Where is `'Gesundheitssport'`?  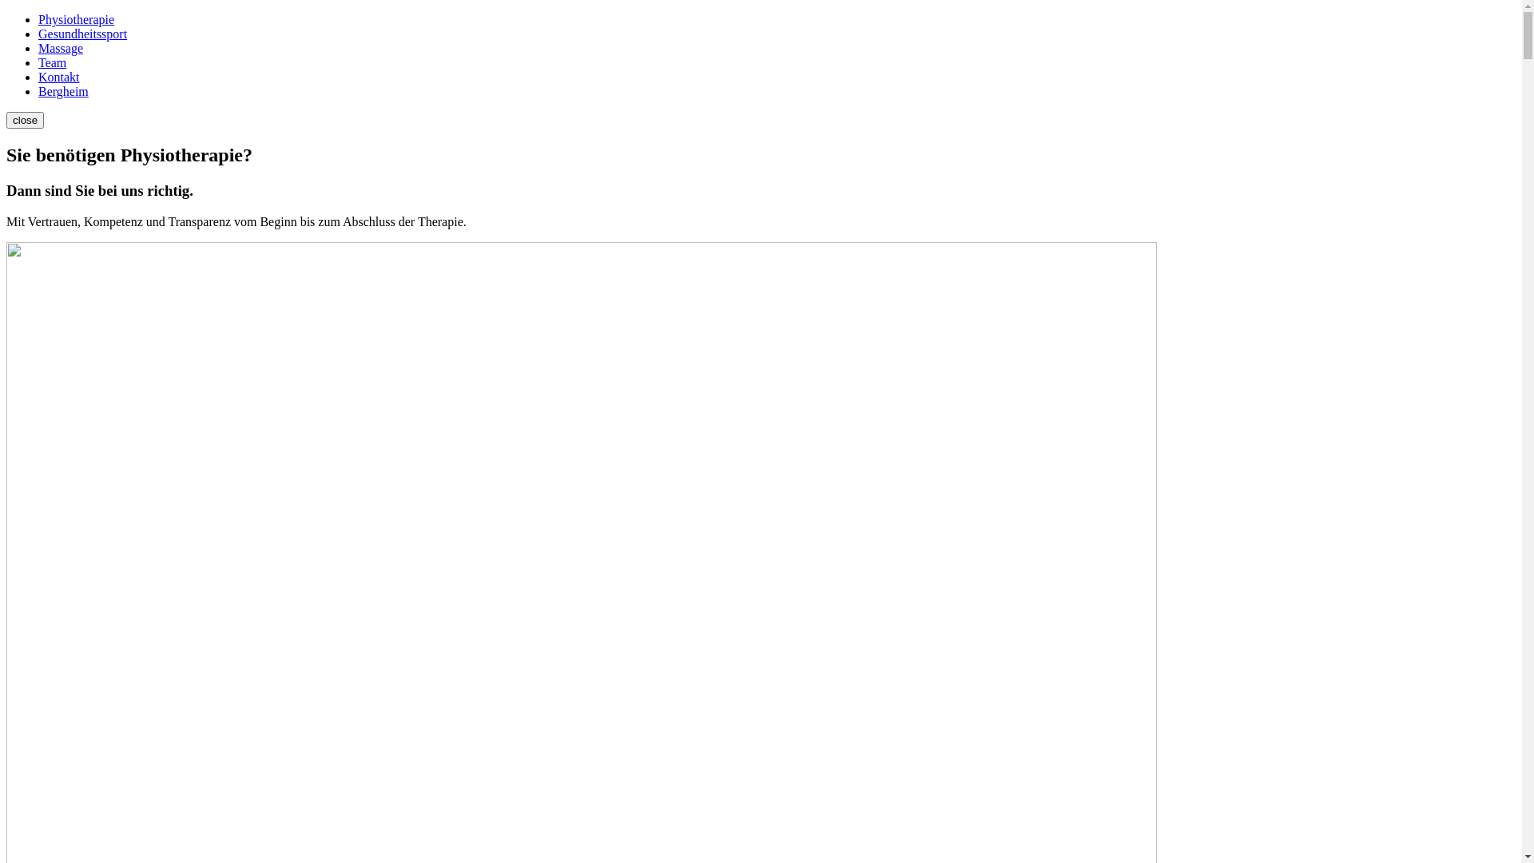 'Gesundheitssport' is located at coordinates (81, 34).